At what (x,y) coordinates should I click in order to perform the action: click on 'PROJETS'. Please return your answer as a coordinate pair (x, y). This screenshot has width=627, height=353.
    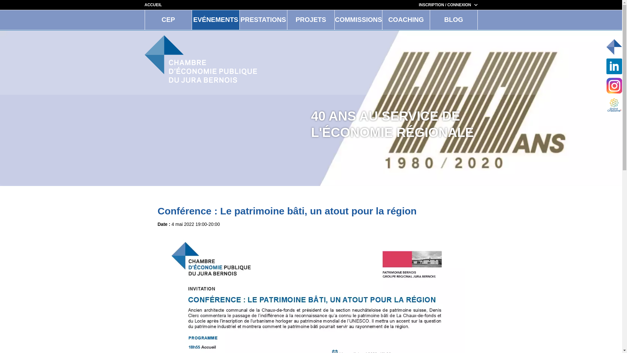
    Looking at the image, I should click on (311, 20).